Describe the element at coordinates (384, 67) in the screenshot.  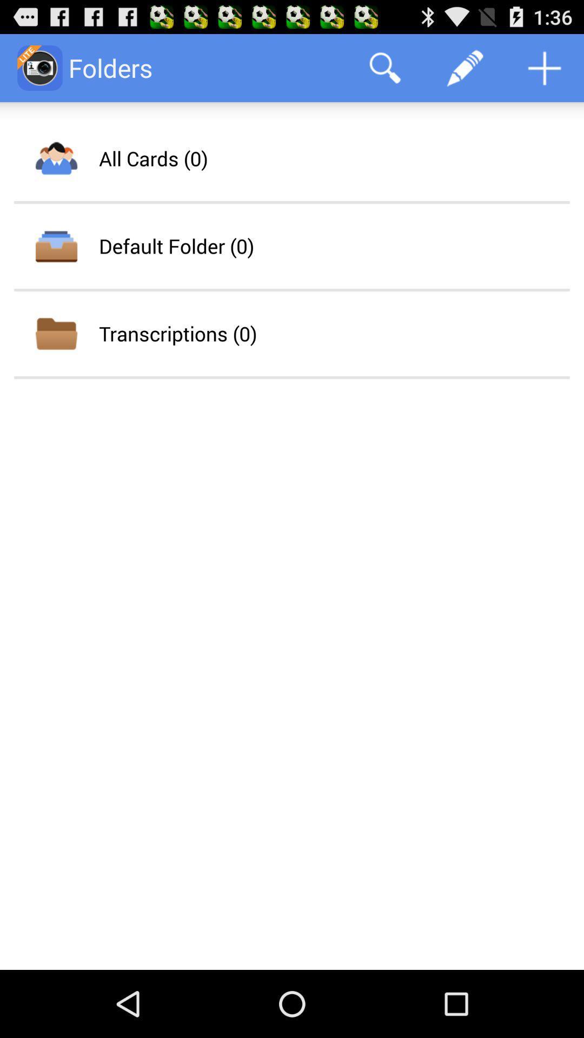
I see `icon at the top` at that location.